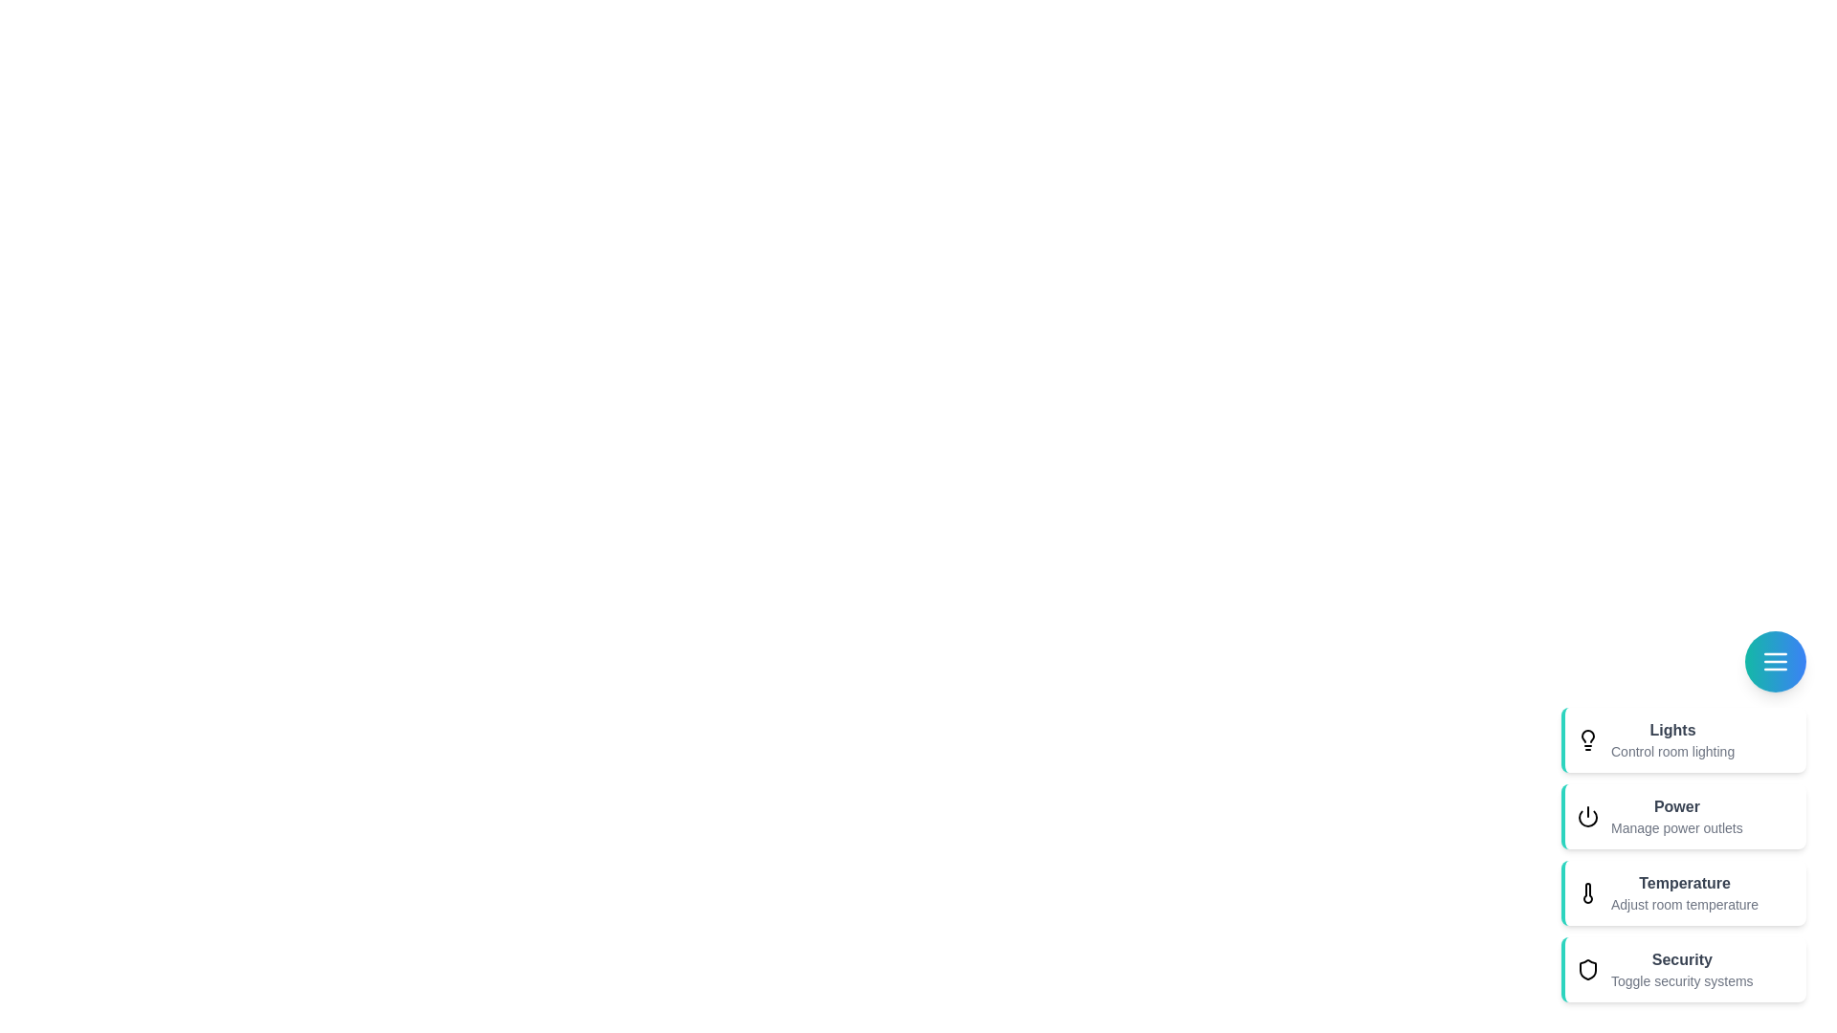 The height and width of the screenshot is (1033, 1837). I want to click on floating button to toggle the menu's visibility, so click(1775, 660).